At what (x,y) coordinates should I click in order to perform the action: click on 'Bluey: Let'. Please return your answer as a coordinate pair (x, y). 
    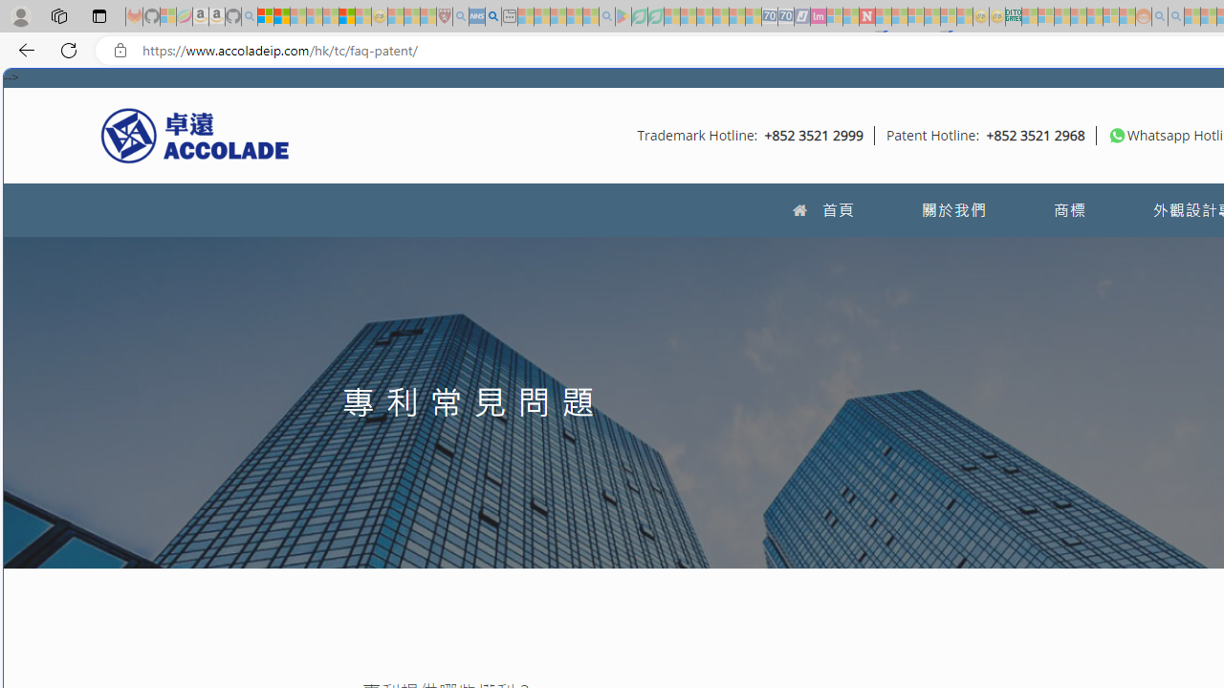
    Looking at the image, I should click on (623, 16).